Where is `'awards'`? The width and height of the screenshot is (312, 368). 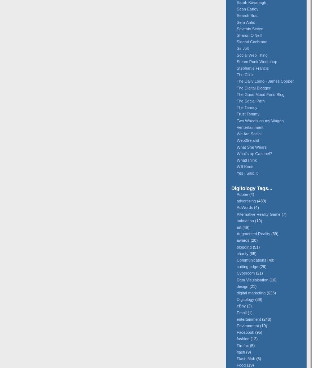 'awards' is located at coordinates (242, 240).